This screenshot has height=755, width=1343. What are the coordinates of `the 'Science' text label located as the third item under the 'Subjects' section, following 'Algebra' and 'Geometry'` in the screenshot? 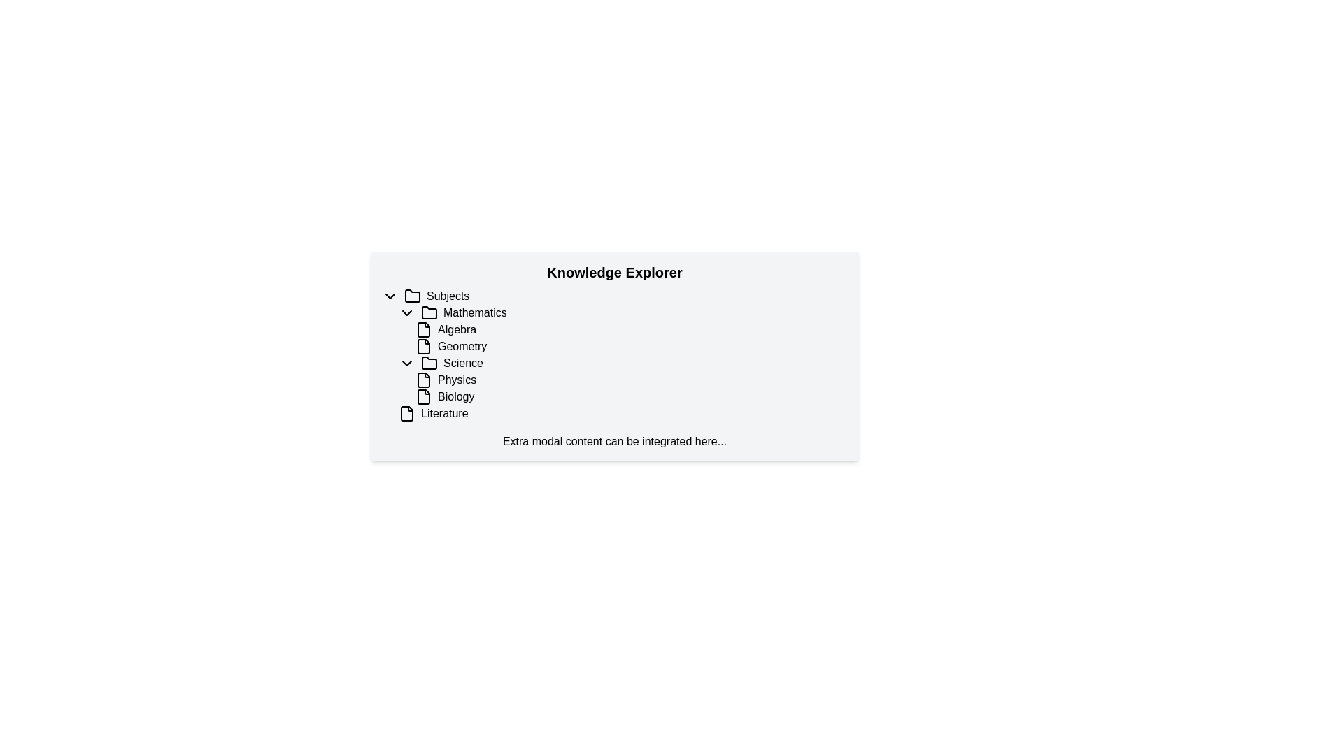 It's located at (463, 363).